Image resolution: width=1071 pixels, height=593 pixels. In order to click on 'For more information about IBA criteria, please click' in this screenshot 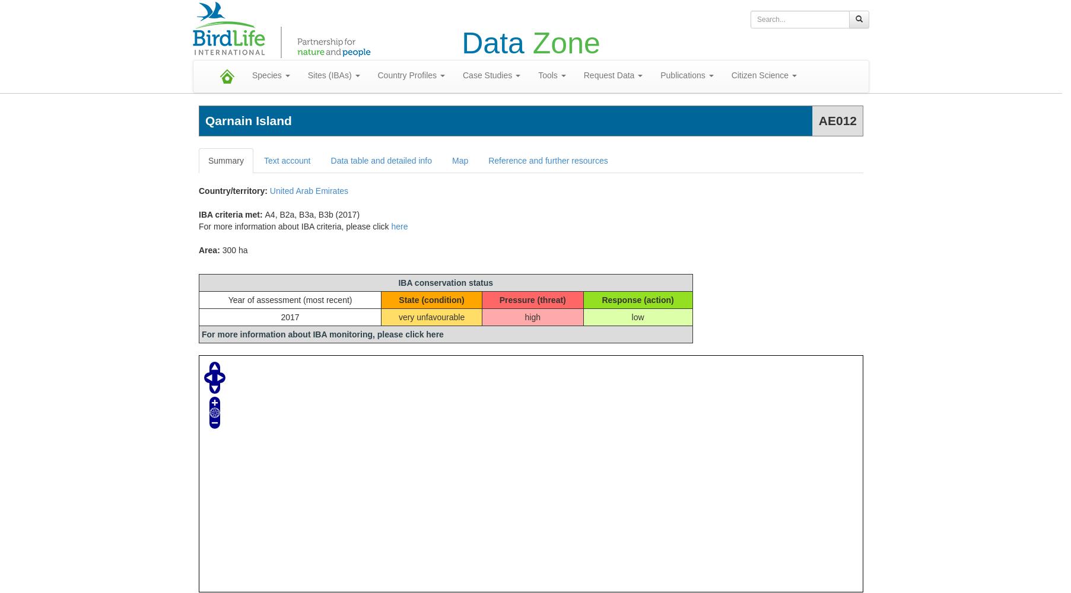, I will do `click(294, 227)`.